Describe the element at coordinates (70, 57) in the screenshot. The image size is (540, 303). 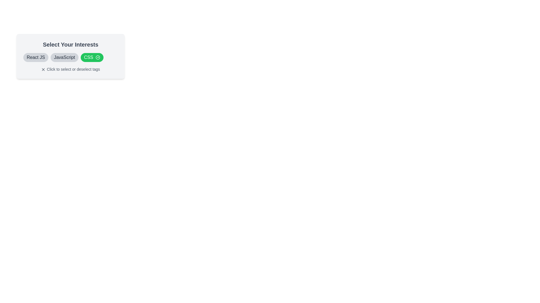
I see `the gray rectangular button labeled 'JavaScript', which is the second button in a row of three under the title 'Select Your Interests'` at that location.